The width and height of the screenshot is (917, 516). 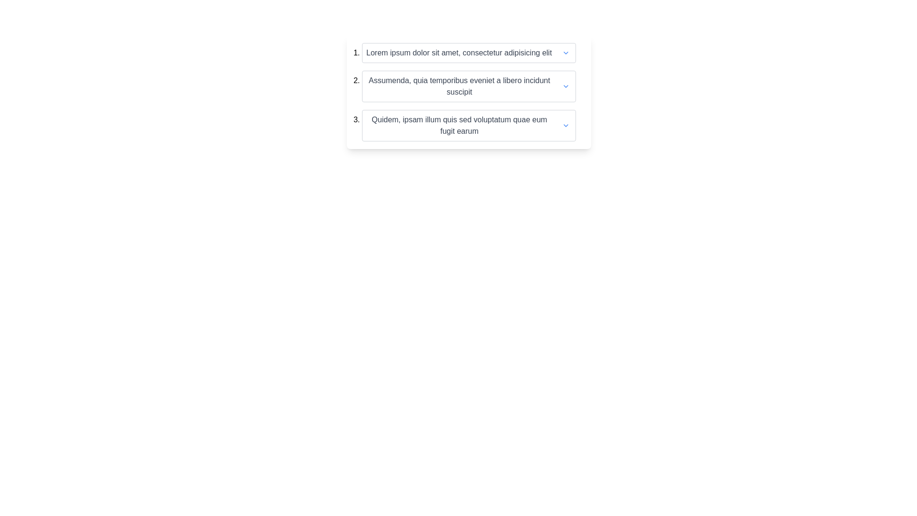 I want to click on the expandable list item containing the text 'Quidem, ipsam illum quis sed voluptatum quae eum fugit earum', so click(x=469, y=125).